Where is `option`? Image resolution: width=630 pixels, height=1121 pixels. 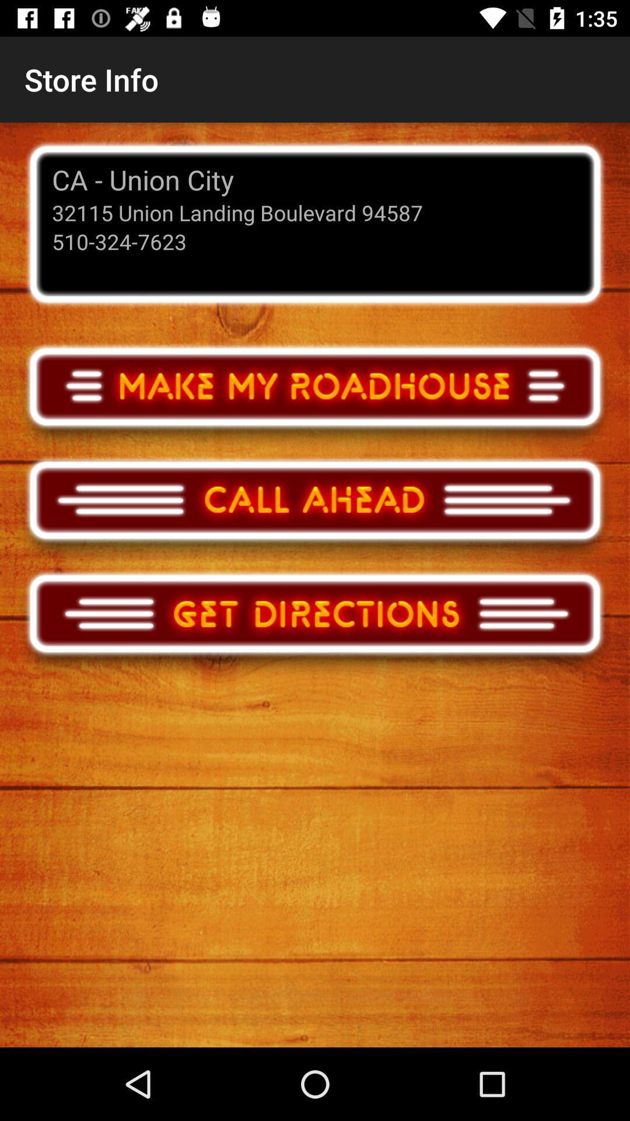 option is located at coordinates (315, 398).